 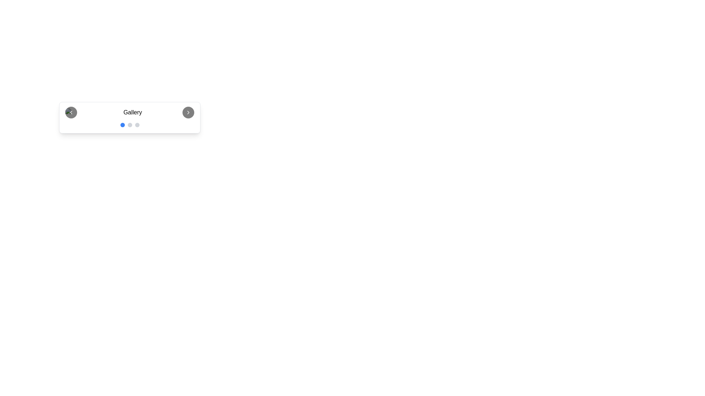 I want to click on the chevron-shaped left arrow embedded within the circular button on the left side of the gallery card, so click(x=71, y=113).